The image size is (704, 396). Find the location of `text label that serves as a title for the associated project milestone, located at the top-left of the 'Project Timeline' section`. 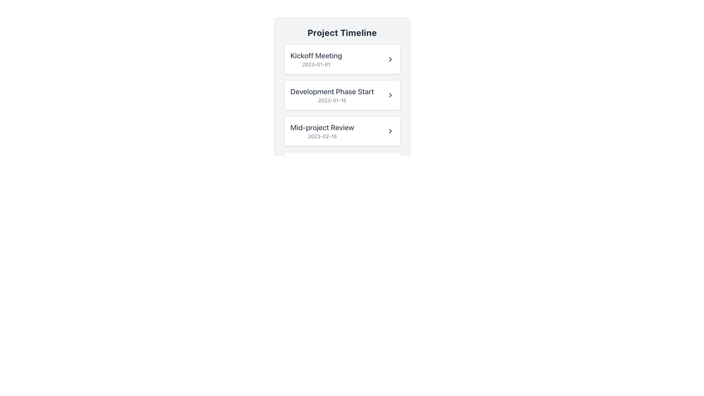

text label that serves as a title for the associated project milestone, located at the top-left of the 'Project Timeline' section is located at coordinates (316, 55).